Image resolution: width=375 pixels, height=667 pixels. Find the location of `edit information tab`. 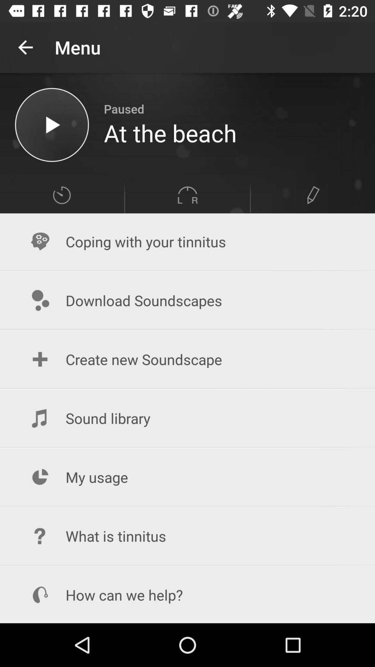

edit information tab is located at coordinates (313, 195).